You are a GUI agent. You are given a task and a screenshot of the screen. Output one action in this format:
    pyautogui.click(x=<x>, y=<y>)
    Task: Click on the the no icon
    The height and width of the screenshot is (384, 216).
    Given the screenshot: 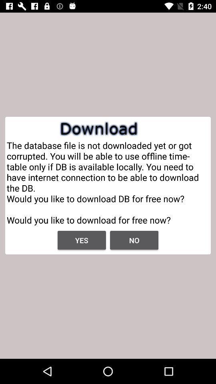 What is the action you would take?
    pyautogui.click(x=134, y=240)
    